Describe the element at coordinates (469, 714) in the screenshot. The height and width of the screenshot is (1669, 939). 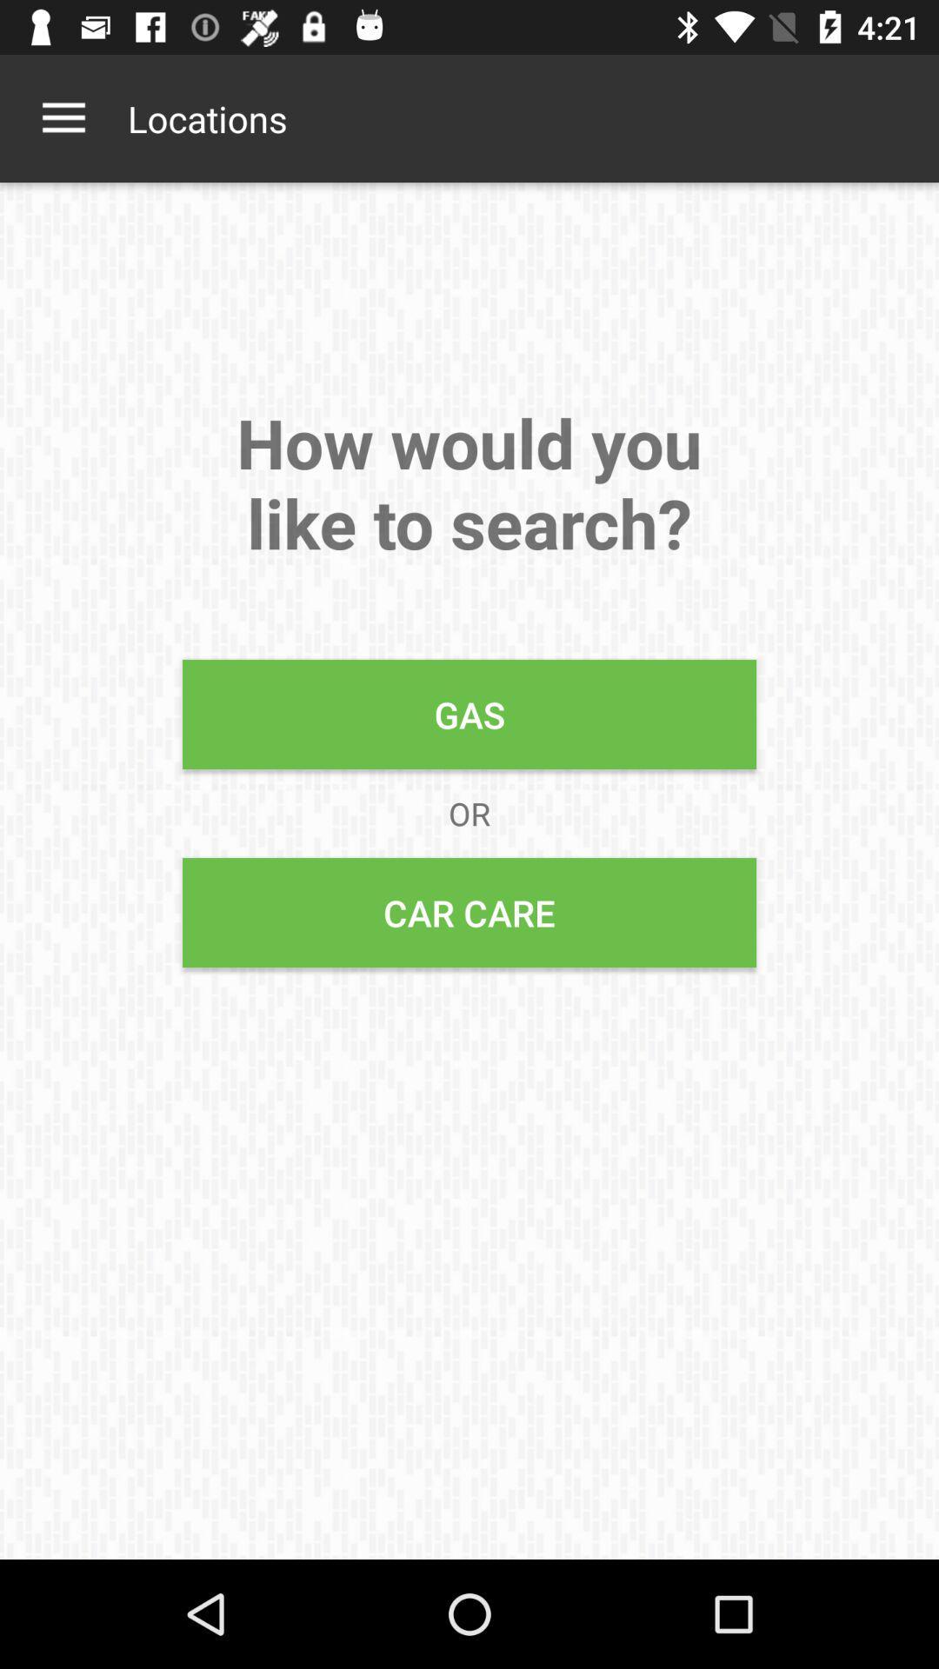
I see `gas item` at that location.